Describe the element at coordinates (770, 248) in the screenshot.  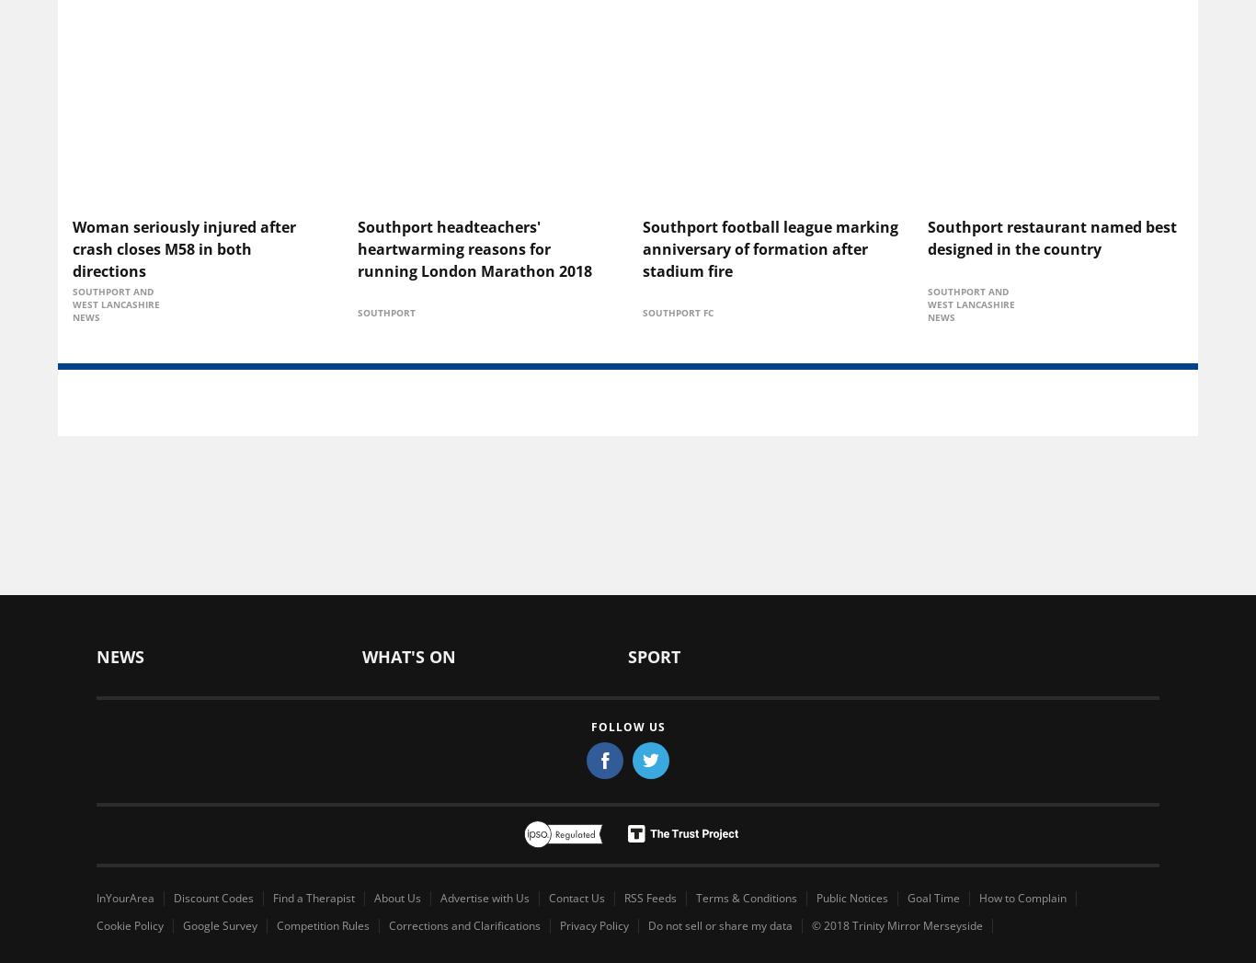
I see `'Southport football league marking anniversary of formation after stadium fire'` at that location.